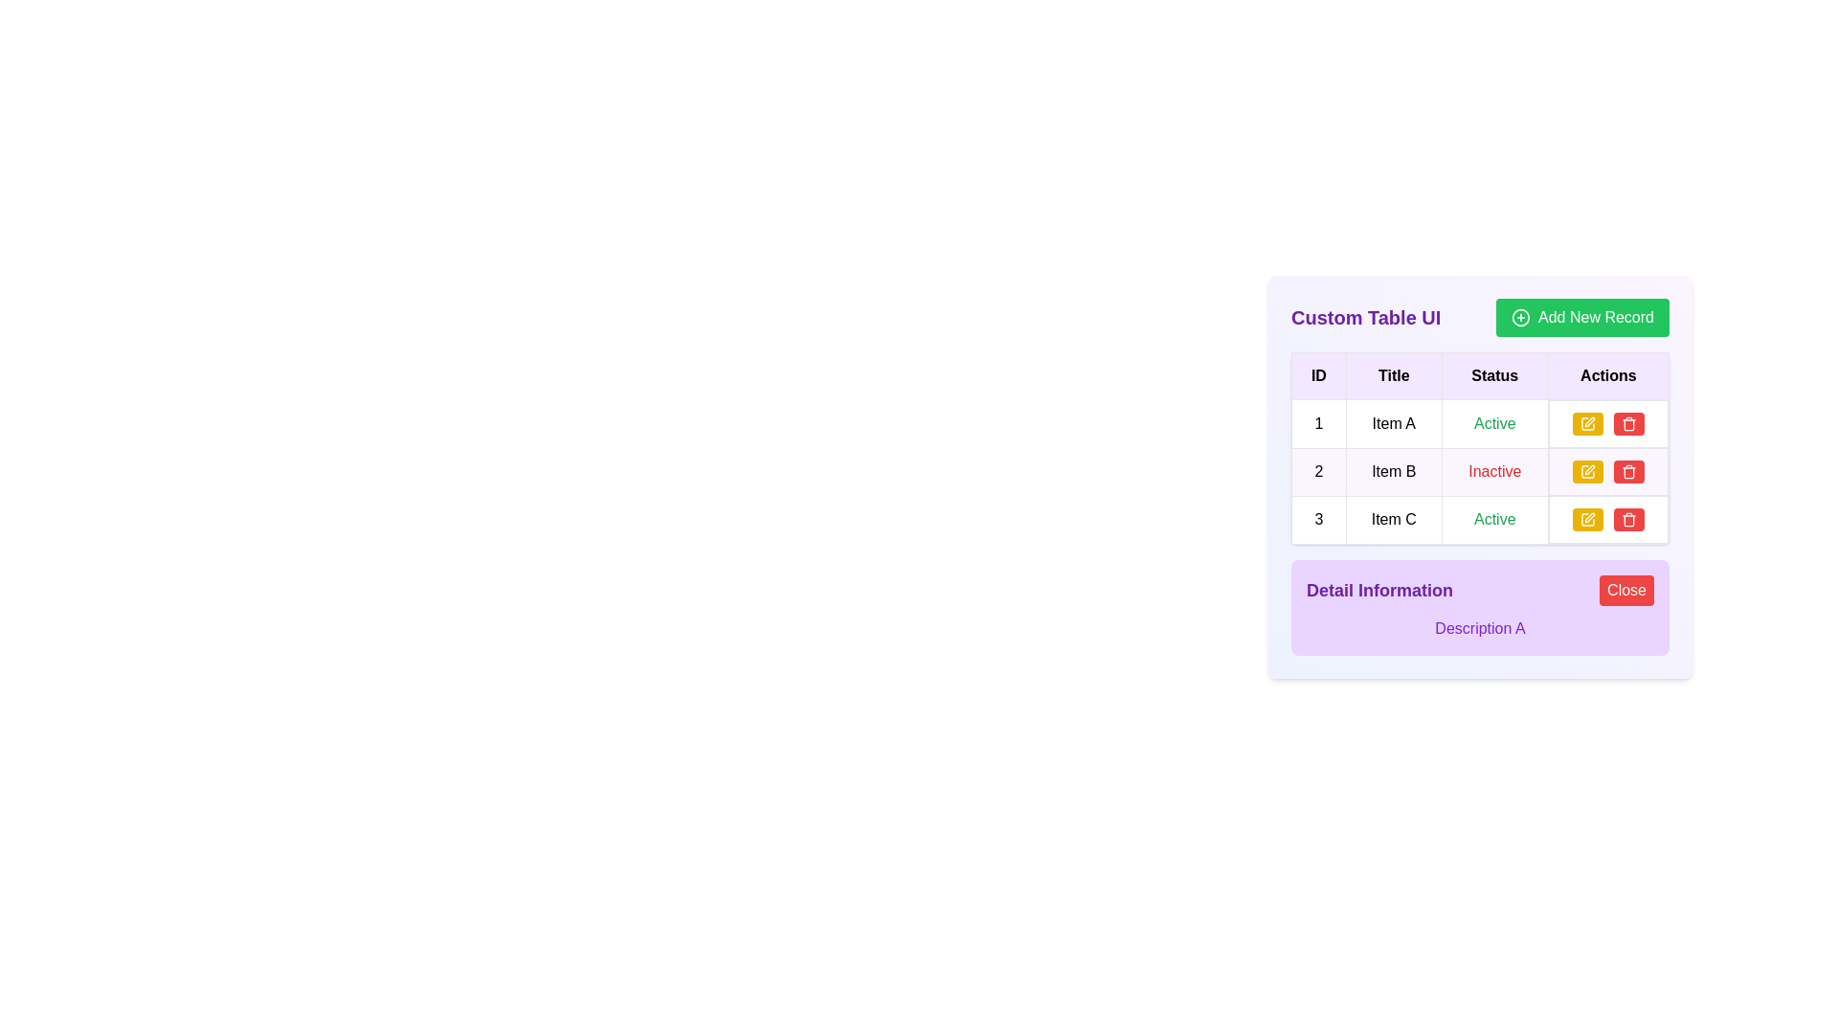 The width and height of the screenshot is (1838, 1034). I want to click on the first button in the 'Actions' column of the third row in the 'Custom Table UI' to initiate editing the corresponding table row, so click(1586, 520).